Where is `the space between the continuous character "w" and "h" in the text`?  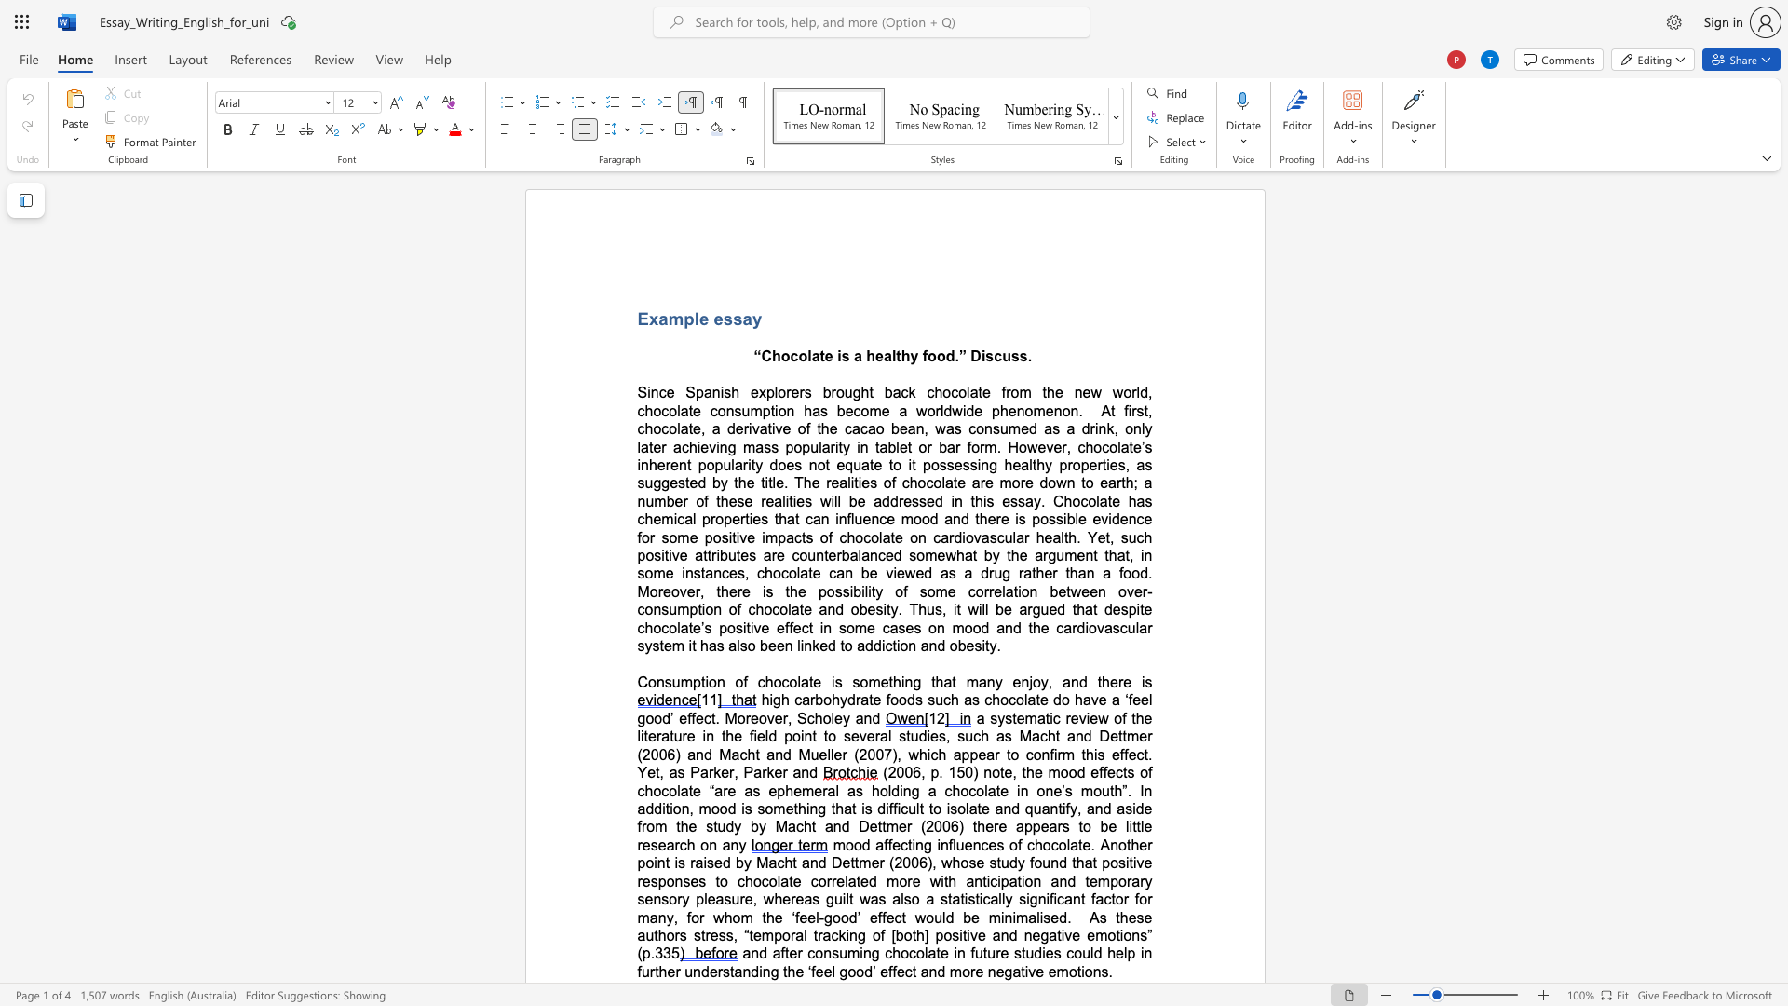
the space between the continuous character "w" and "h" in the text is located at coordinates (955, 554).